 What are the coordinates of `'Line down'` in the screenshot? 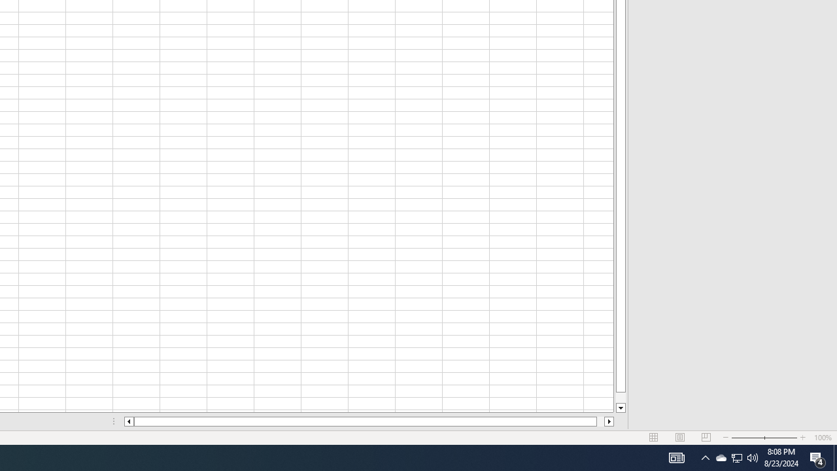 It's located at (620, 408).